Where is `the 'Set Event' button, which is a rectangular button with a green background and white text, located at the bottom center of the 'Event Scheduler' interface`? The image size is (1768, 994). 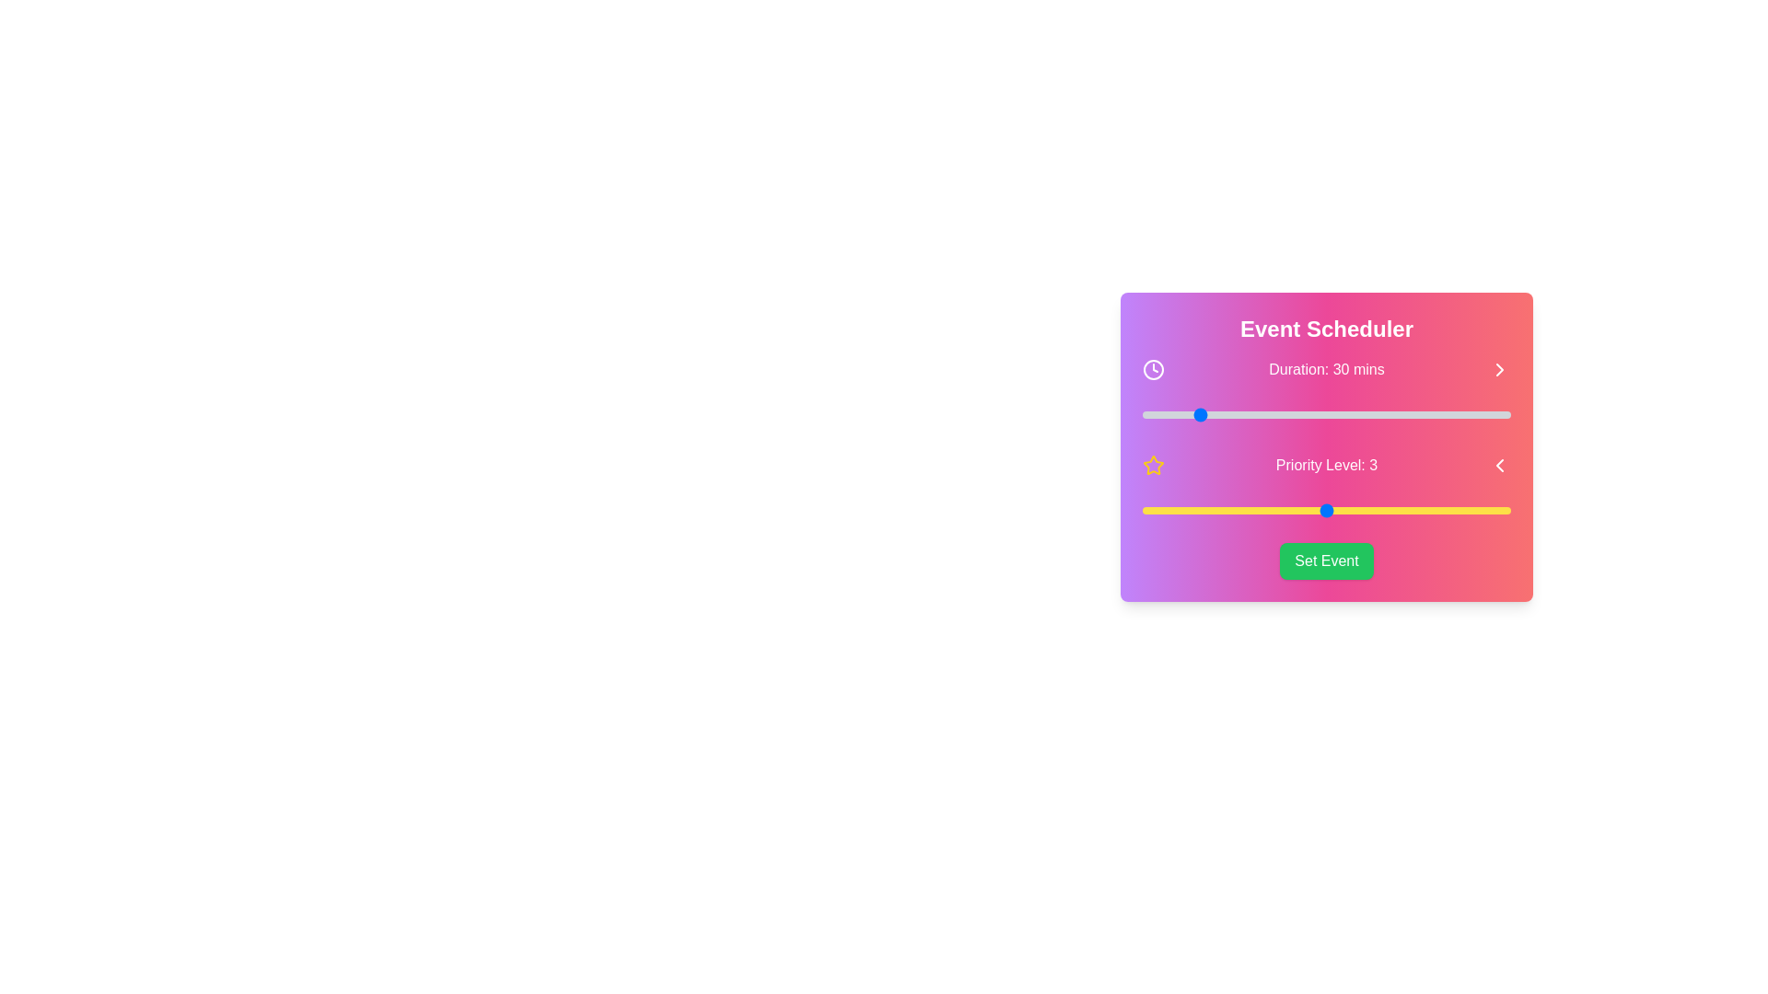
the 'Set Event' button, which is a rectangular button with a green background and white text, located at the bottom center of the 'Event Scheduler' interface is located at coordinates (1326, 560).